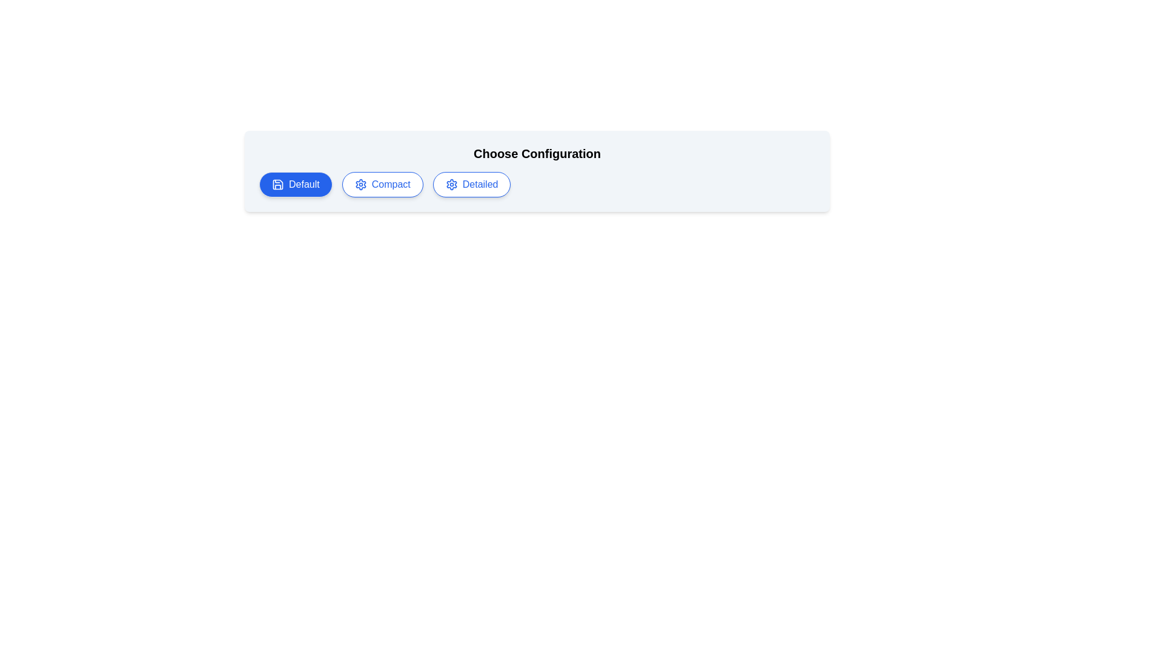 This screenshot has width=1163, height=654. I want to click on the configuration option Default by clicking on the corresponding button, so click(296, 184).